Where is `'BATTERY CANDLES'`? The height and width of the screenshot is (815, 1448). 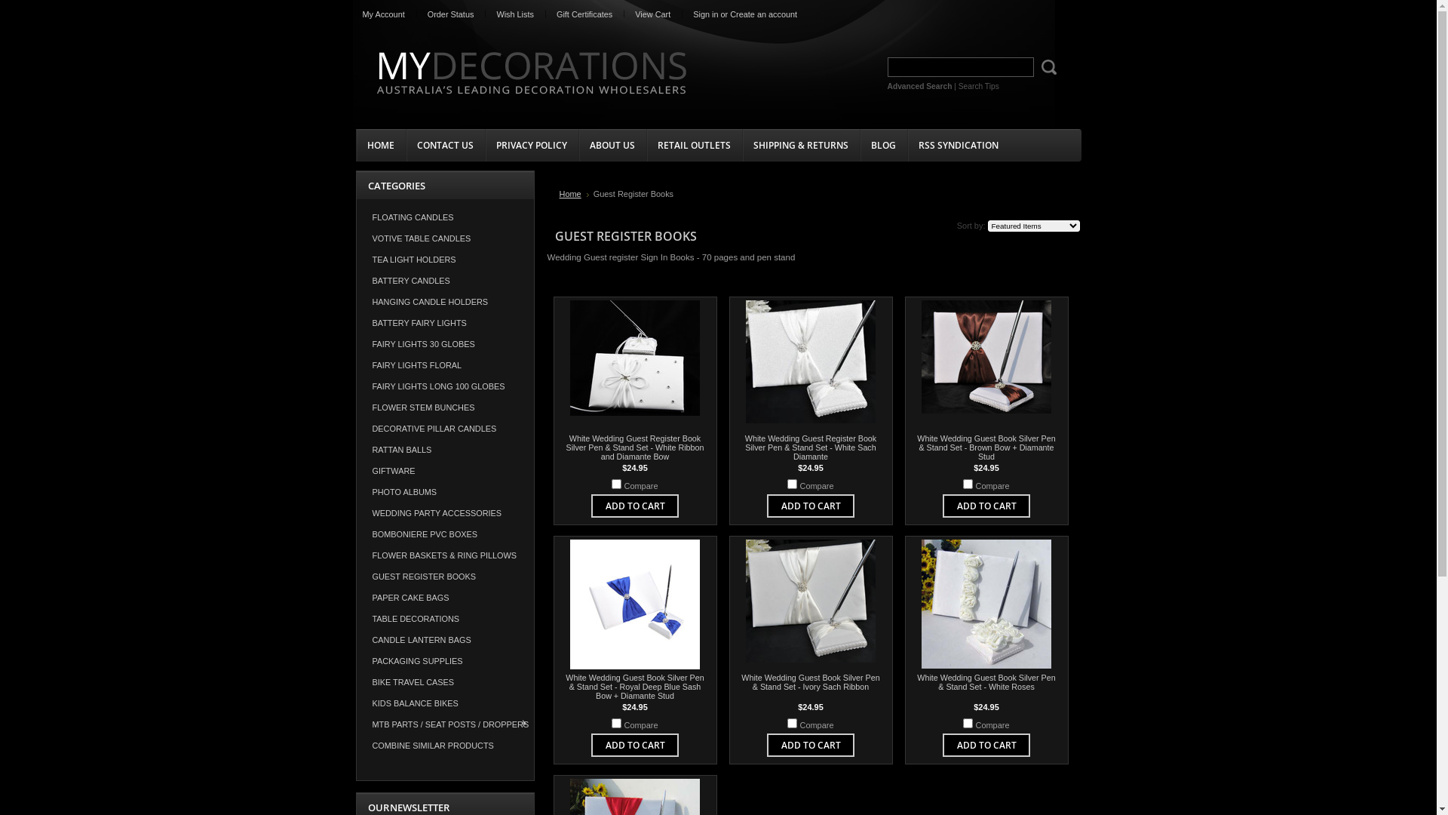 'BATTERY CANDLES' is located at coordinates (444, 280).